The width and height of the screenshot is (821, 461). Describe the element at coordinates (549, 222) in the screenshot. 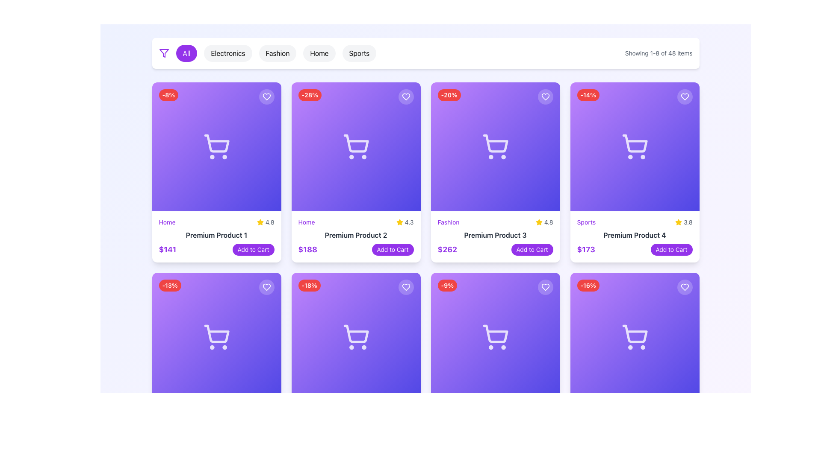

I see `the rating value displayed as '4.8' next to the yellow star icon in the 'Premium Product 3' card interface` at that location.